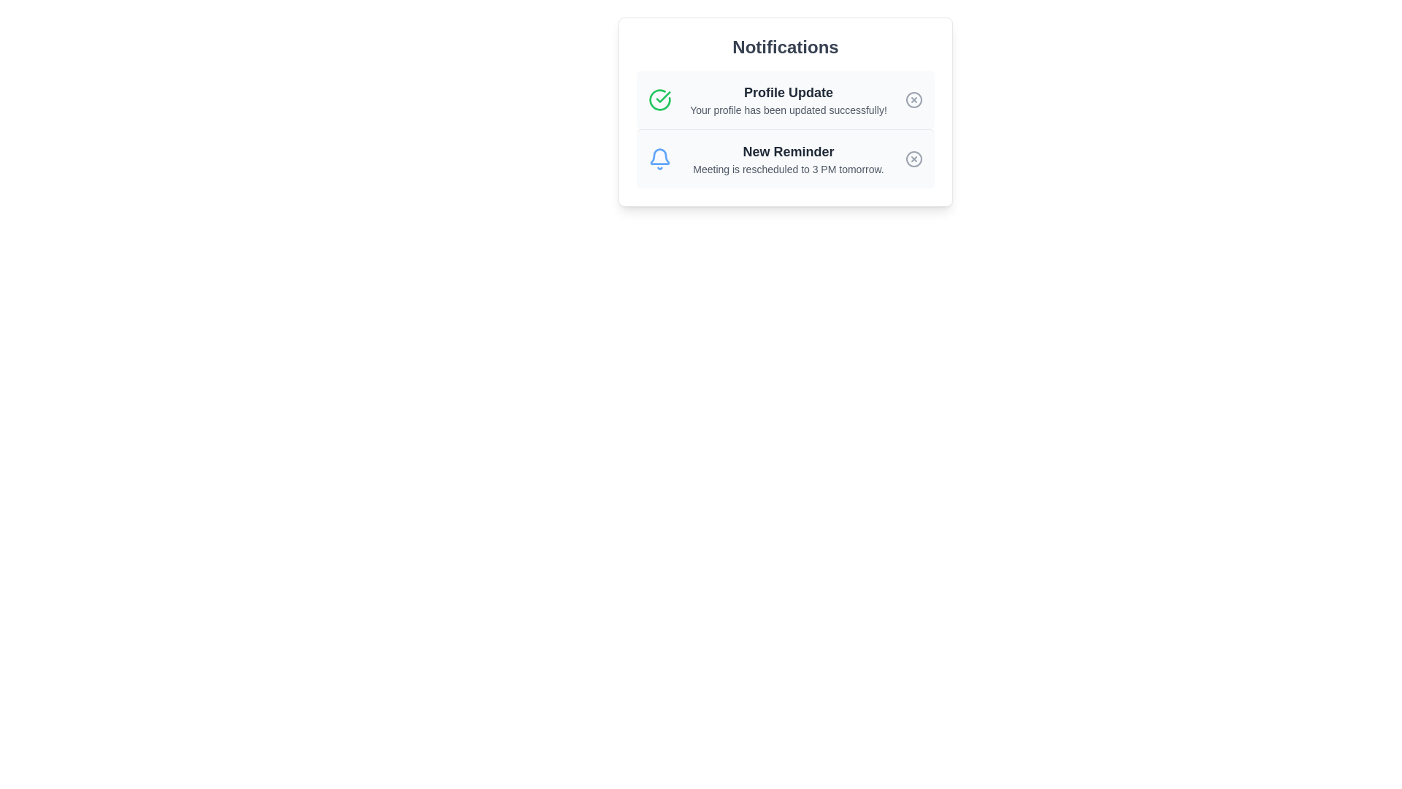  What do you see at coordinates (662, 96) in the screenshot?
I see `the success indicator icon located within the first notification item, to the left of the 'Profile Update' text` at bounding box center [662, 96].